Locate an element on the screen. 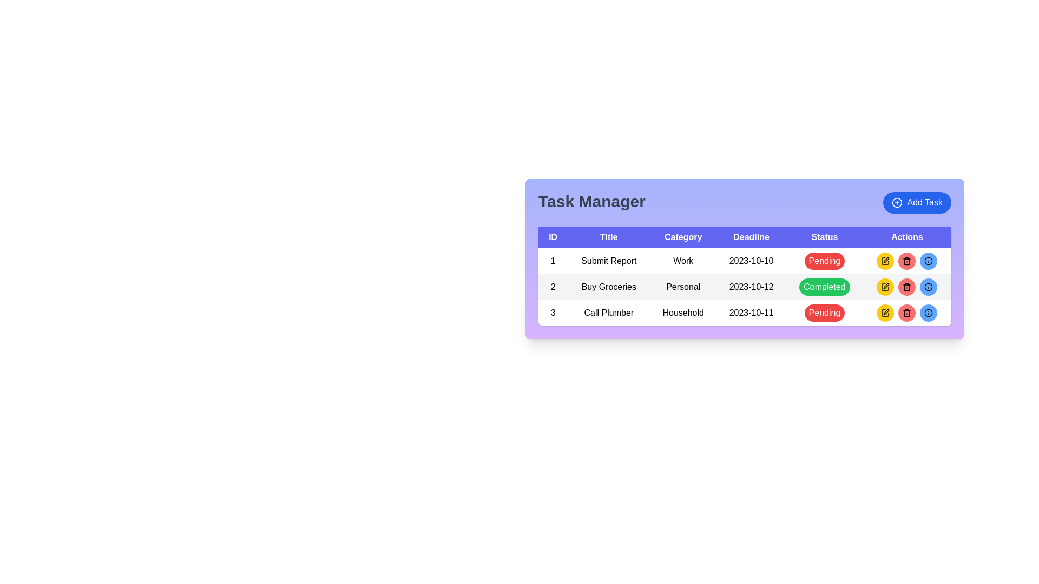 The image size is (1039, 584). the edit icon in the 'Actions' column for the first task labeled 'Submit Report' to initiate the edit action is located at coordinates (885, 287).